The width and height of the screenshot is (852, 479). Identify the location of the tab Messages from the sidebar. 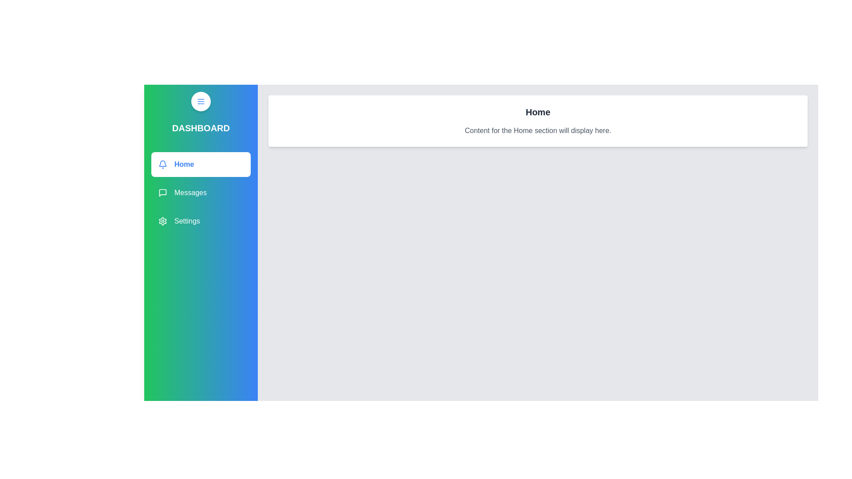
(200, 192).